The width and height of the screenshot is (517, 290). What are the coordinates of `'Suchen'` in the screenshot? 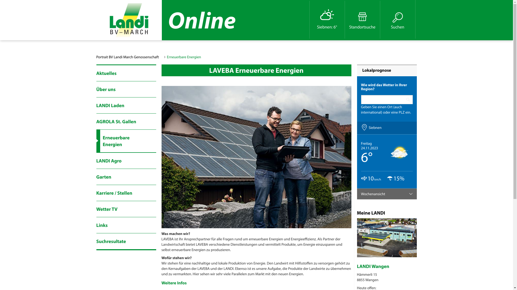 It's located at (398, 20).